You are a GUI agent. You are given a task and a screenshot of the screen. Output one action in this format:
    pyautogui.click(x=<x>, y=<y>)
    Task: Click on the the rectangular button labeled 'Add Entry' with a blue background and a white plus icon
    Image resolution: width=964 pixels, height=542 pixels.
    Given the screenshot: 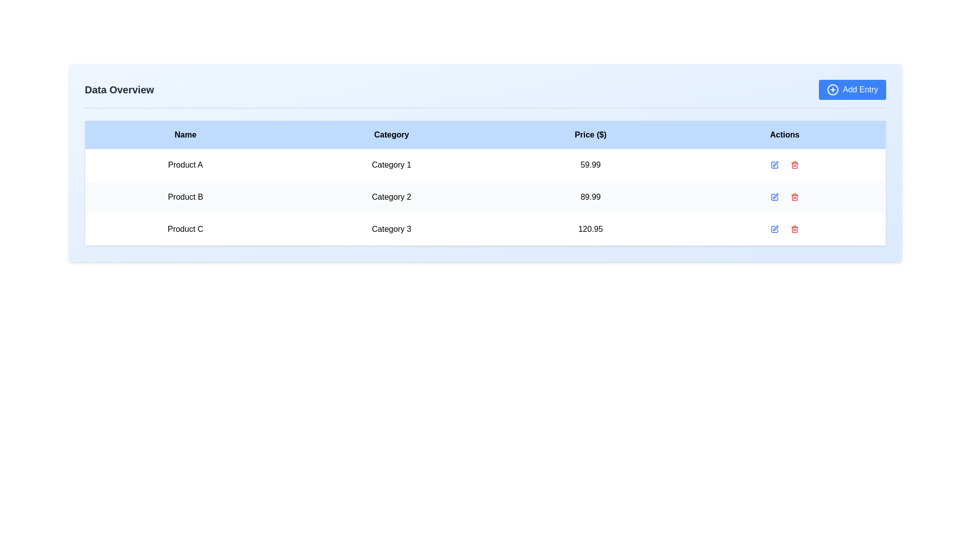 What is the action you would take?
    pyautogui.click(x=852, y=89)
    